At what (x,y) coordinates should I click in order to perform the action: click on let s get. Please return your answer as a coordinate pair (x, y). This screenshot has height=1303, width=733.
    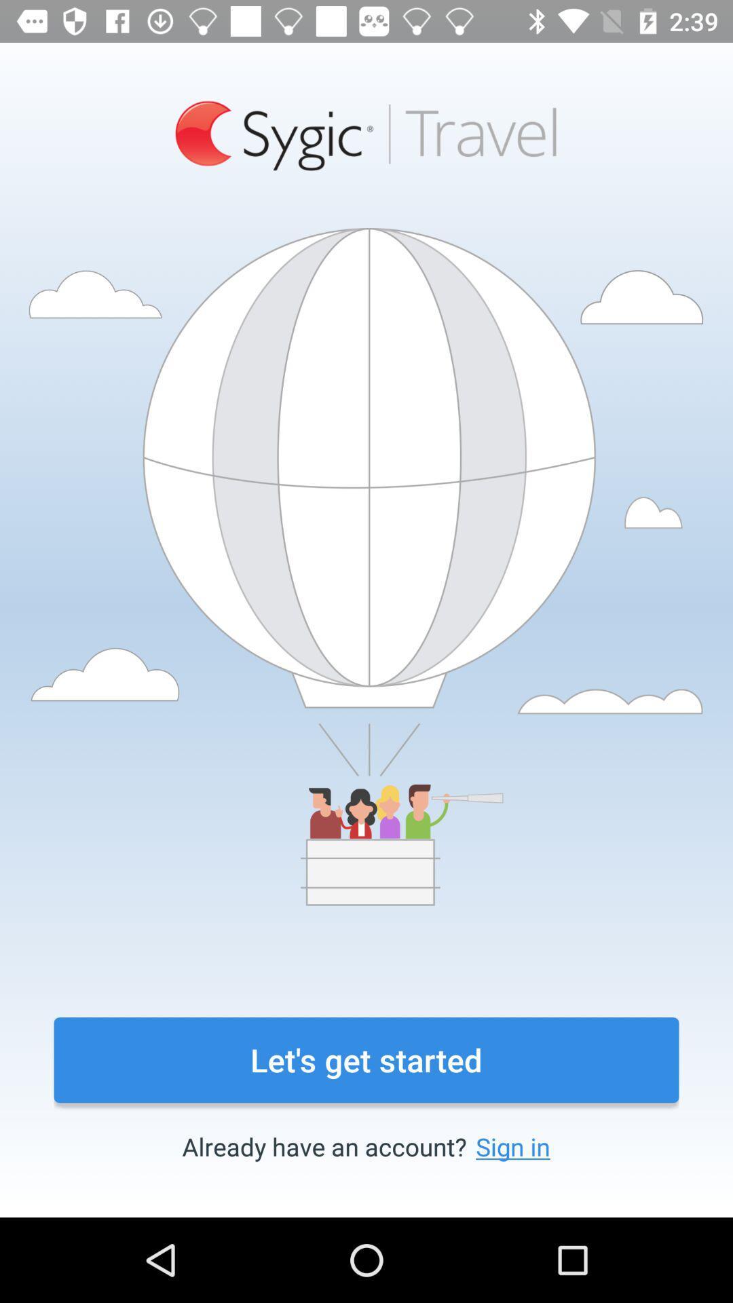
    Looking at the image, I should click on (366, 1059).